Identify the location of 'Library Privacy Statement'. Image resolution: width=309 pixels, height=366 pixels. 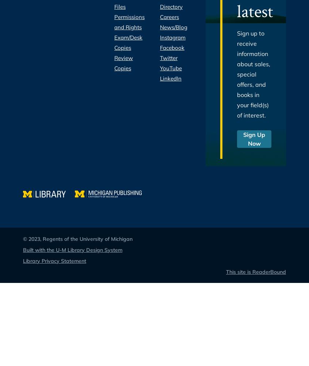
(54, 260).